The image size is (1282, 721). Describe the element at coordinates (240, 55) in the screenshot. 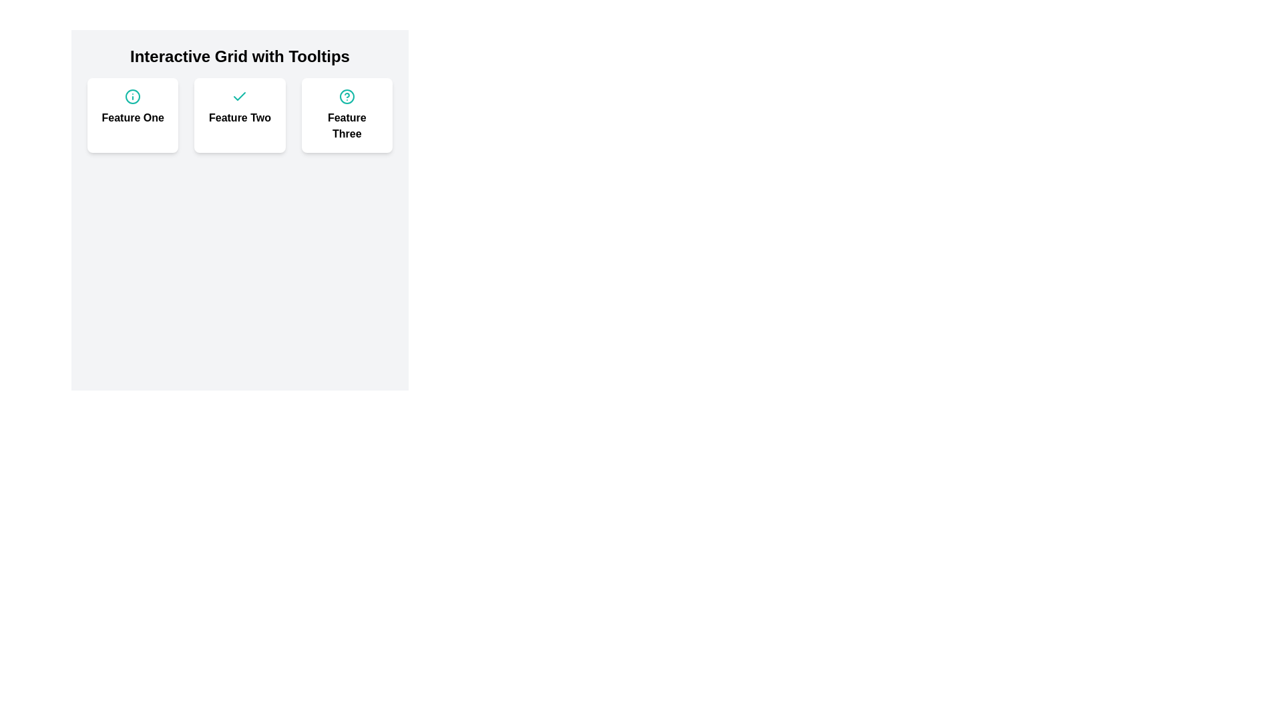

I see `the bold header text 'Interactive Grid with Tooltips' which is prominently displayed at the top of the white panel` at that location.